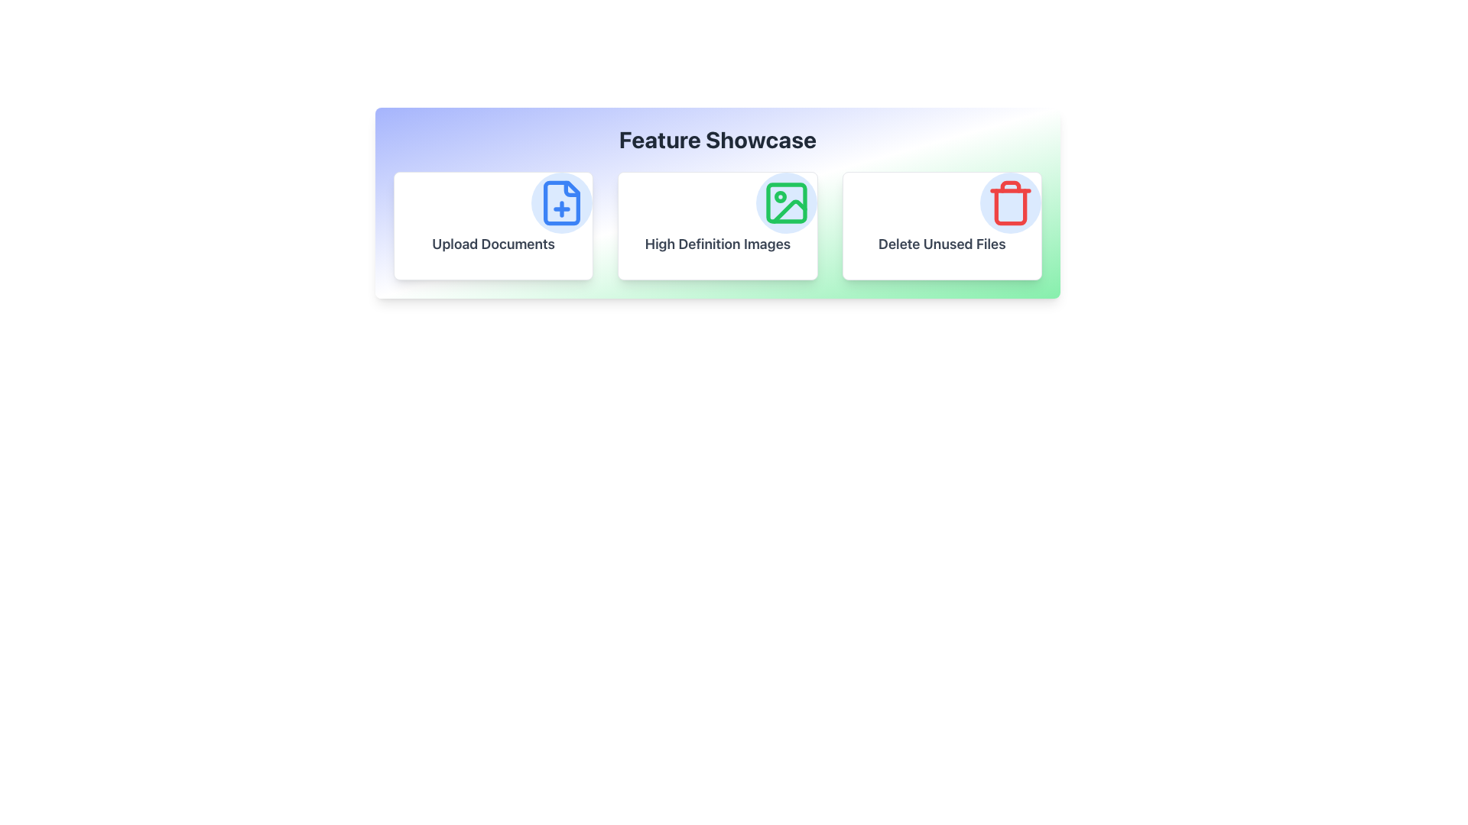 Image resolution: width=1468 pixels, height=825 pixels. I want to click on the second card in the feature showcase section, so click(717, 226).